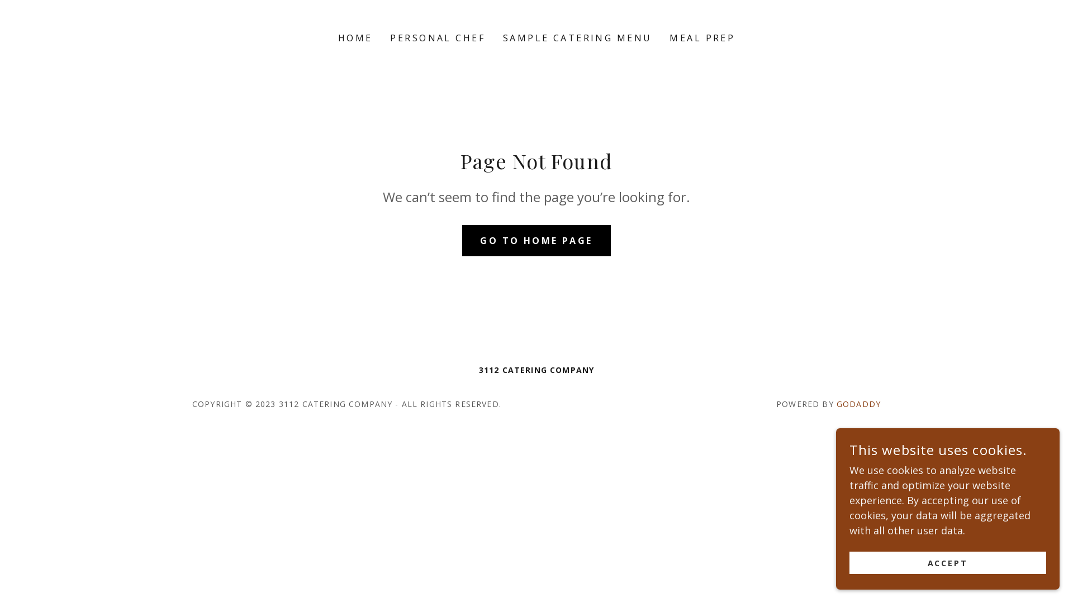 This screenshot has height=603, width=1073. I want to click on 'GODADDY', so click(858, 404).